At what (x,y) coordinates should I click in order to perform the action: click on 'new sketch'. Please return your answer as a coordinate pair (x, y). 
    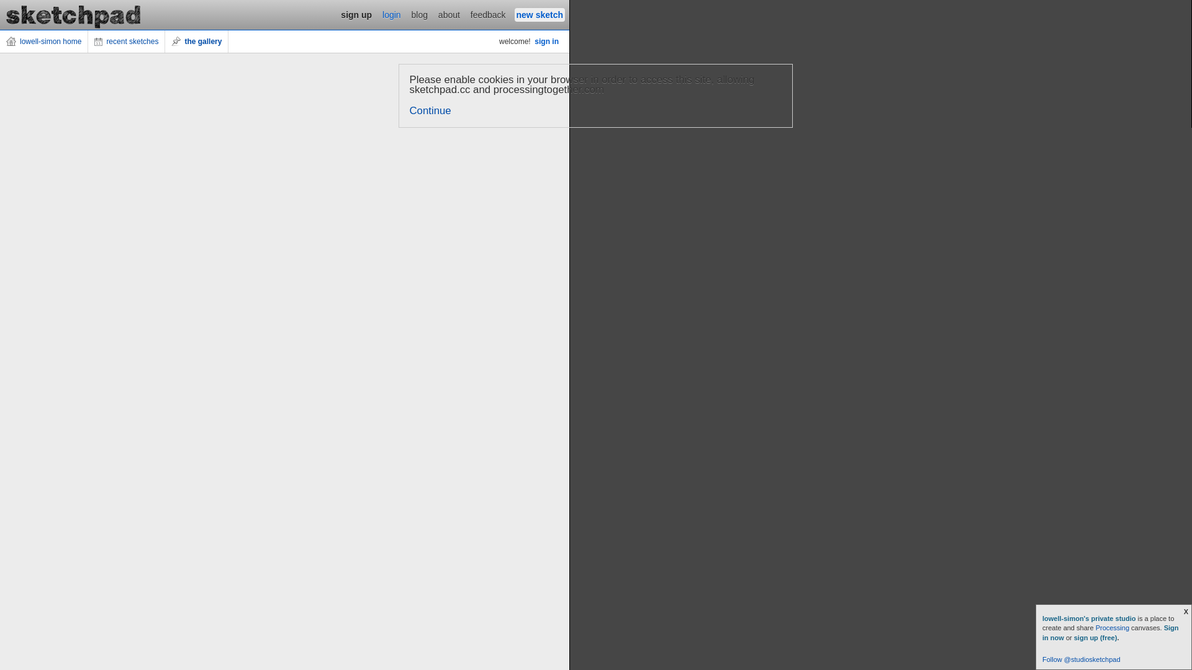
    Looking at the image, I should click on (540, 14).